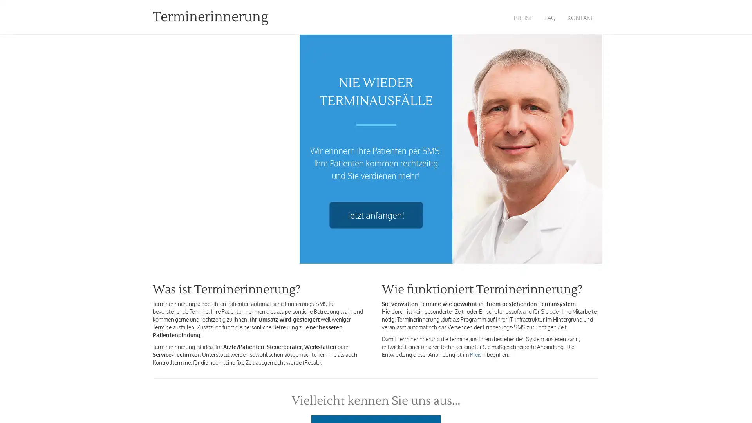 Image resolution: width=752 pixels, height=423 pixels. What do you see at coordinates (375, 215) in the screenshot?
I see `Jetzt anfangen!` at bounding box center [375, 215].